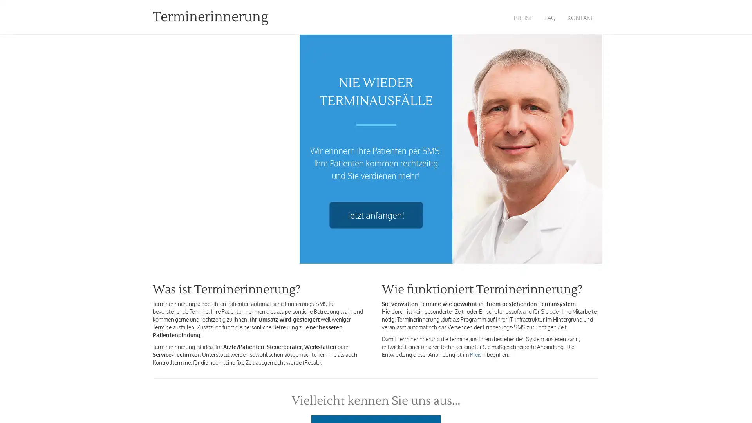 Image resolution: width=752 pixels, height=423 pixels. What do you see at coordinates (375, 215) in the screenshot?
I see `Jetzt anfangen!` at bounding box center [375, 215].